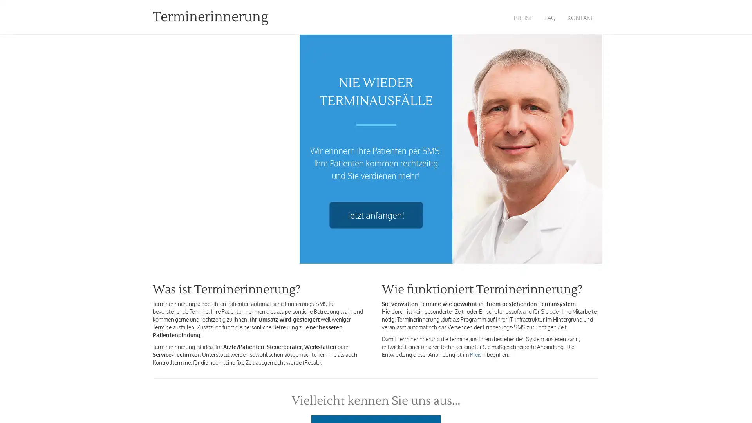 Image resolution: width=752 pixels, height=423 pixels. What do you see at coordinates (375, 215) in the screenshot?
I see `Jetzt anfangen!` at bounding box center [375, 215].